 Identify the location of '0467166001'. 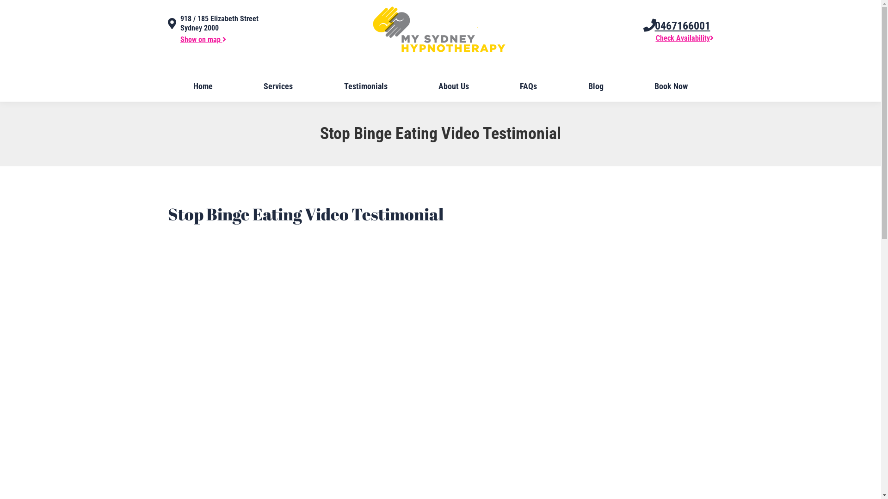
(654, 25).